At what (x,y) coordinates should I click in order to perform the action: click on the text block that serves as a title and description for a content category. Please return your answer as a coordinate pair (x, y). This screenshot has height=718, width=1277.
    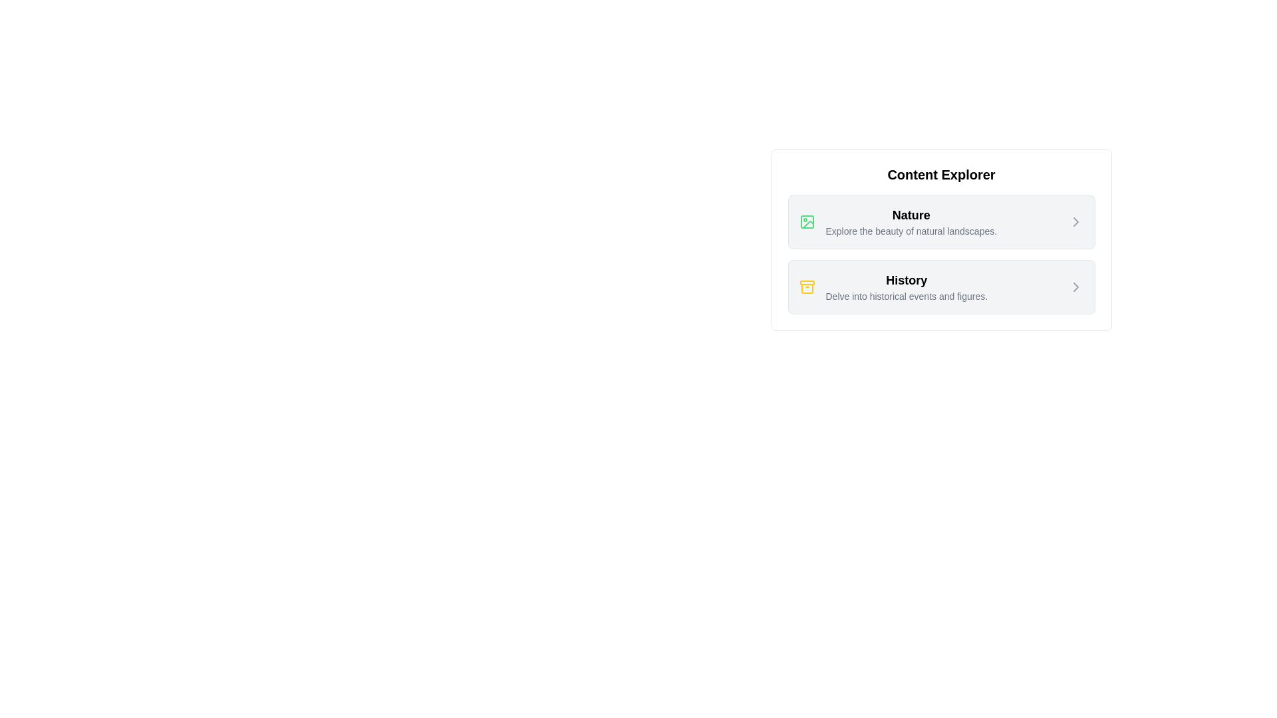
    Looking at the image, I should click on (911, 221).